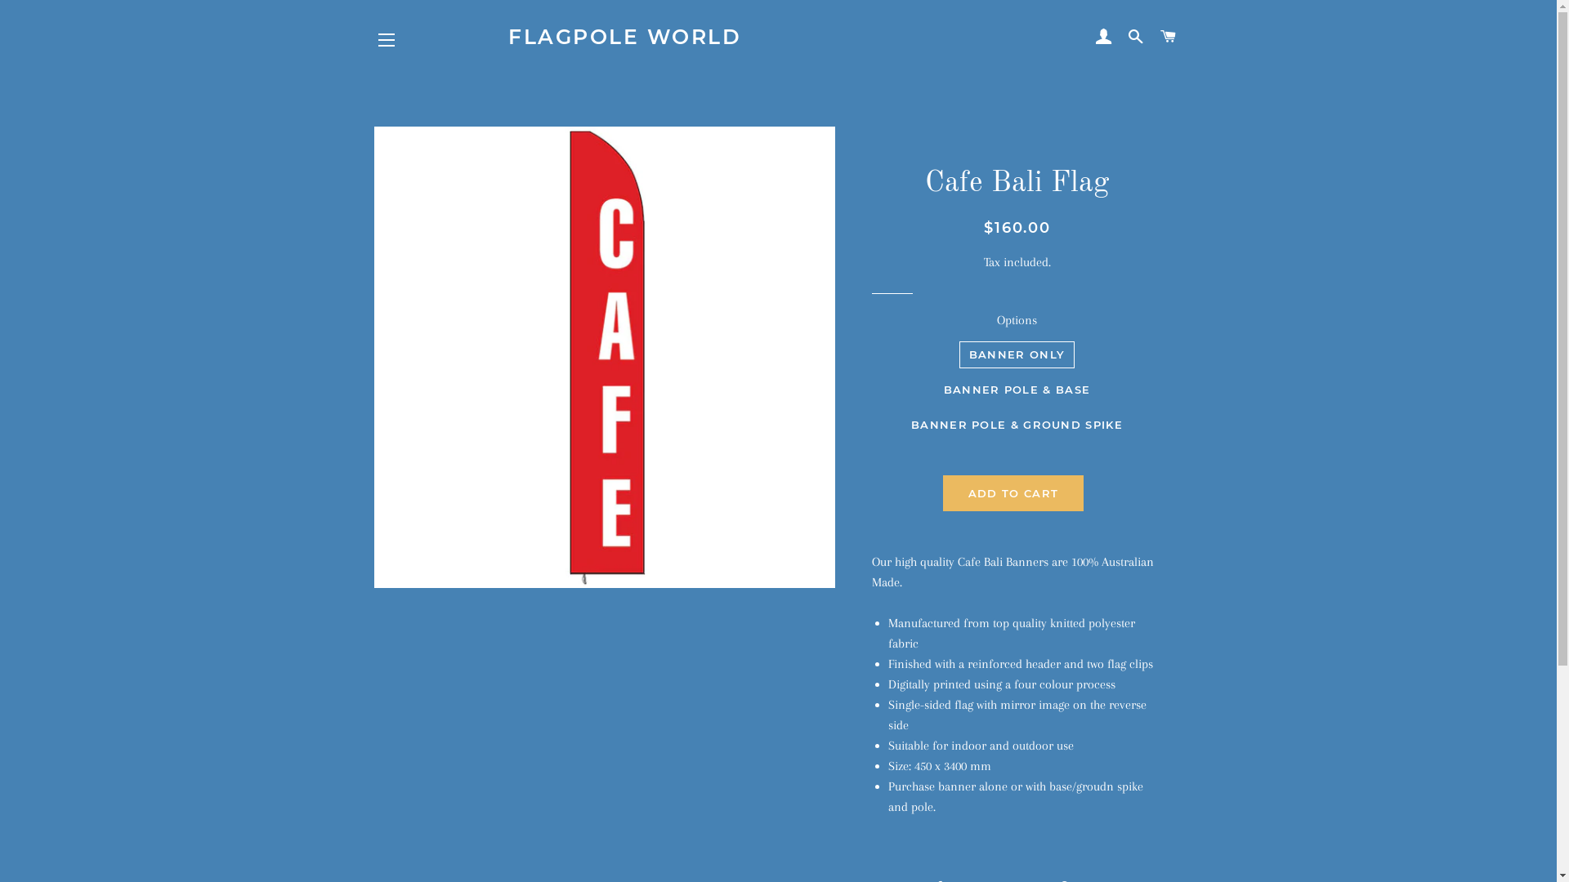 This screenshot has height=882, width=1569. What do you see at coordinates (386, 39) in the screenshot?
I see `'SITE NAVIGATION'` at bounding box center [386, 39].